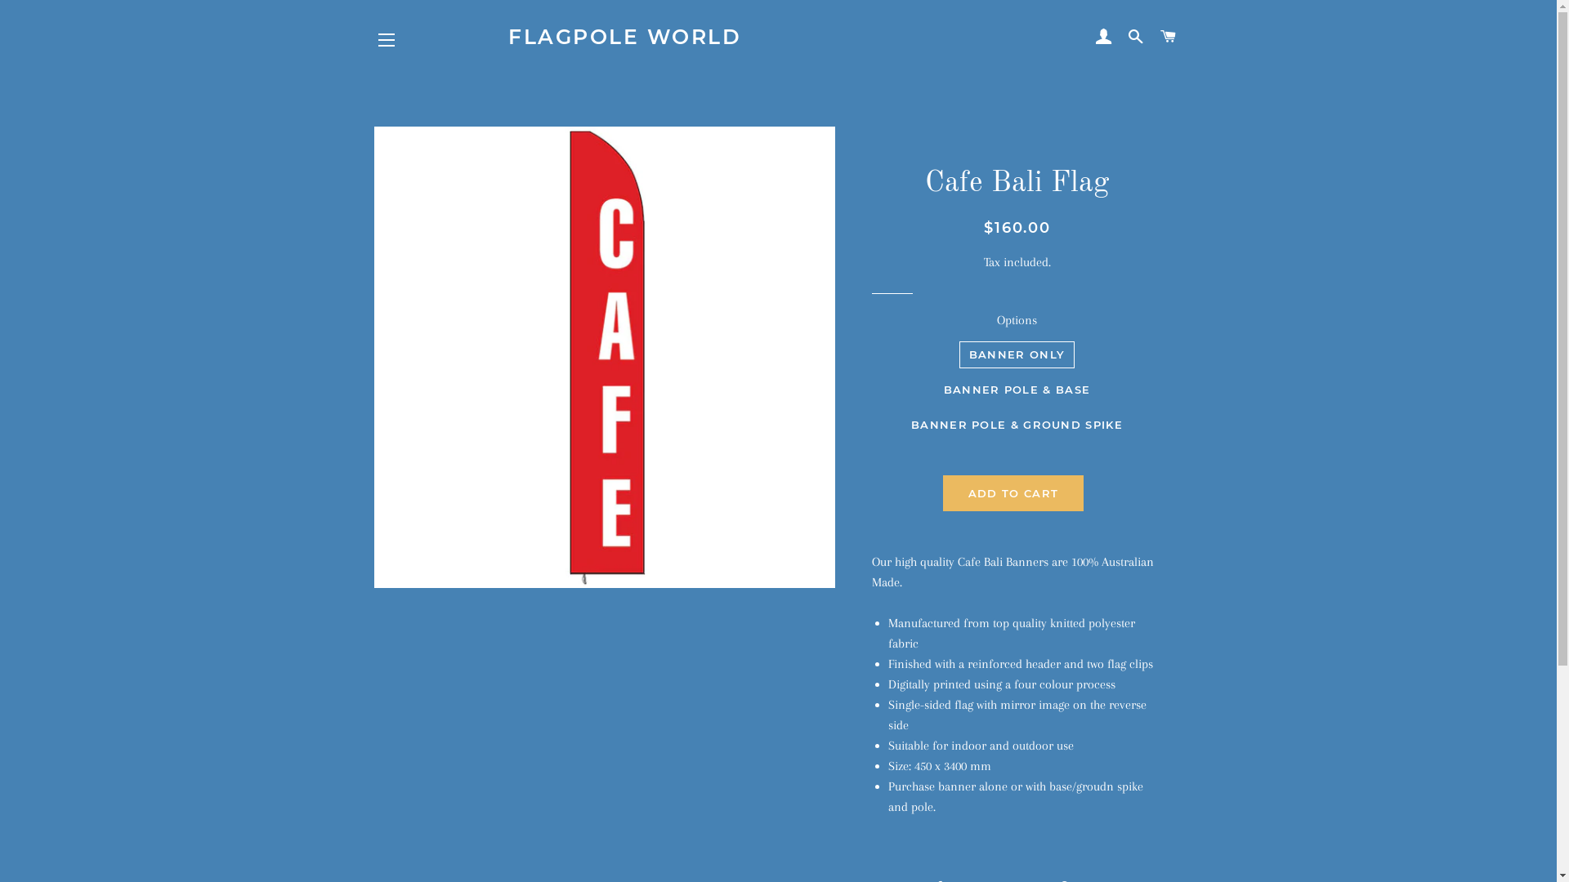 This screenshot has height=882, width=1569. What do you see at coordinates (386, 39) in the screenshot?
I see `'SITE NAVIGATION'` at bounding box center [386, 39].